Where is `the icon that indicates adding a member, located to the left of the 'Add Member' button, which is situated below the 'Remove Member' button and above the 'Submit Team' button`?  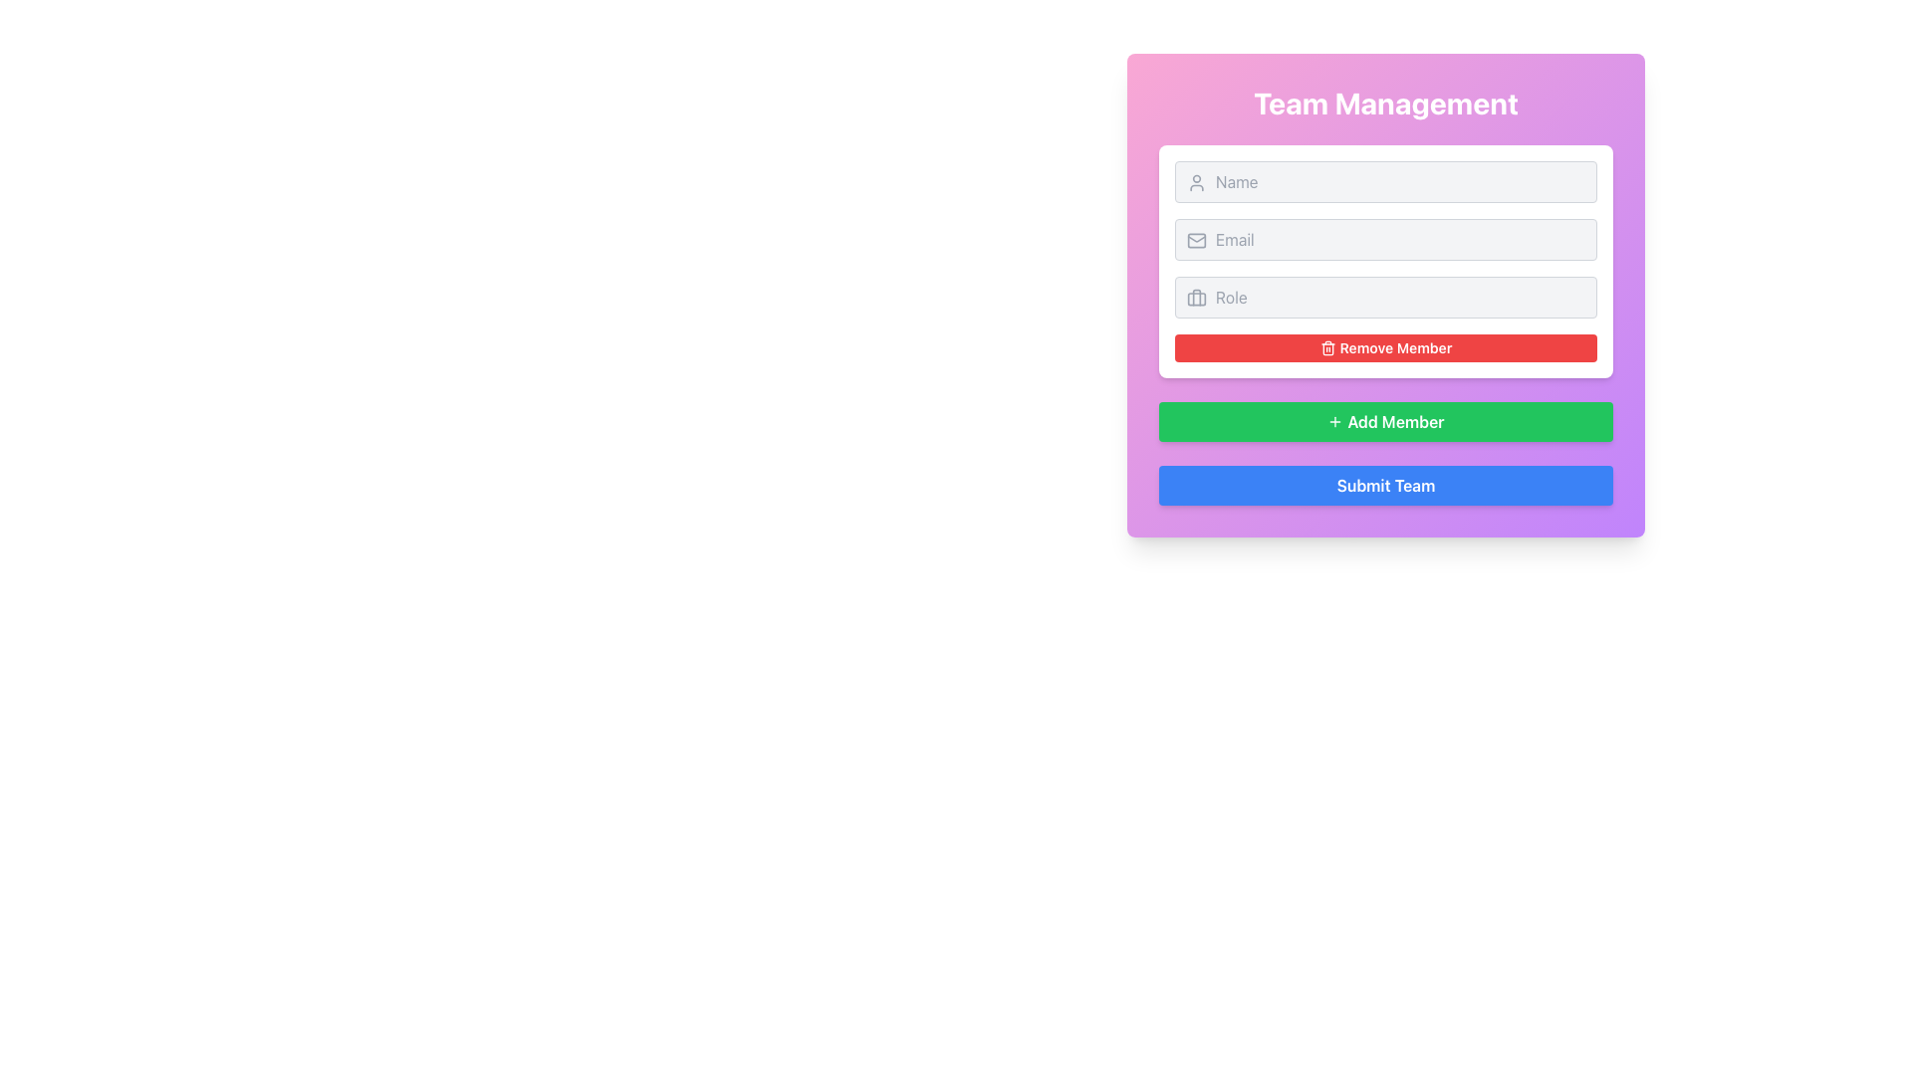 the icon that indicates adding a member, located to the left of the 'Add Member' button, which is situated below the 'Remove Member' button and above the 'Submit Team' button is located at coordinates (1335, 421).